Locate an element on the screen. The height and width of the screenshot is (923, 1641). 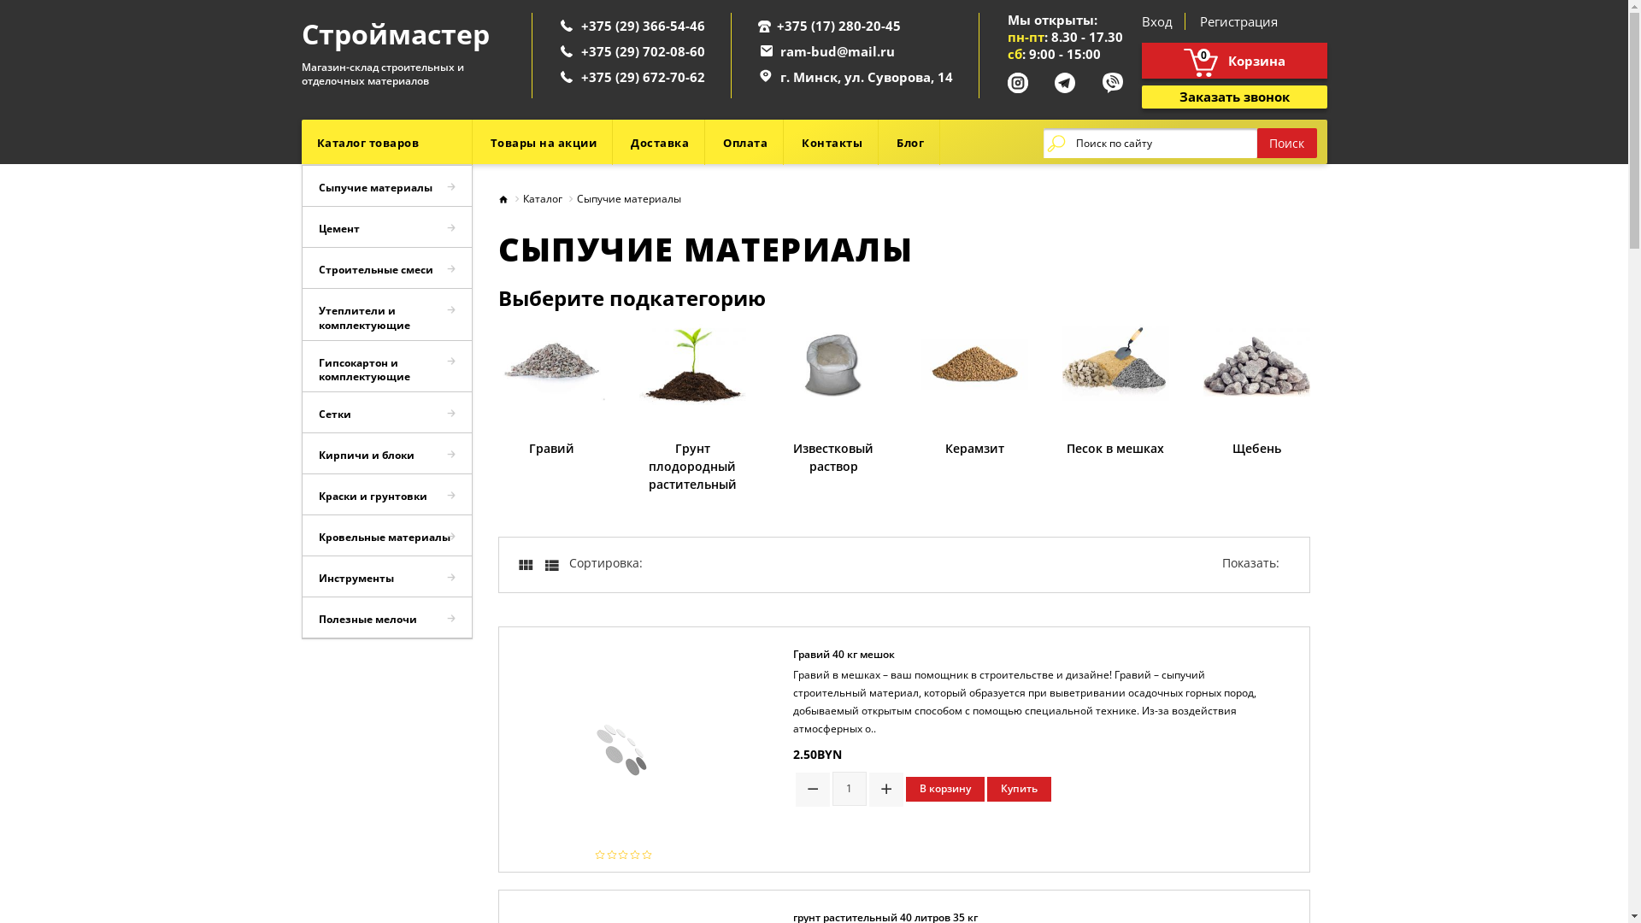
'+375 (29) 672-70-62' is located at coordinates (581, 75).